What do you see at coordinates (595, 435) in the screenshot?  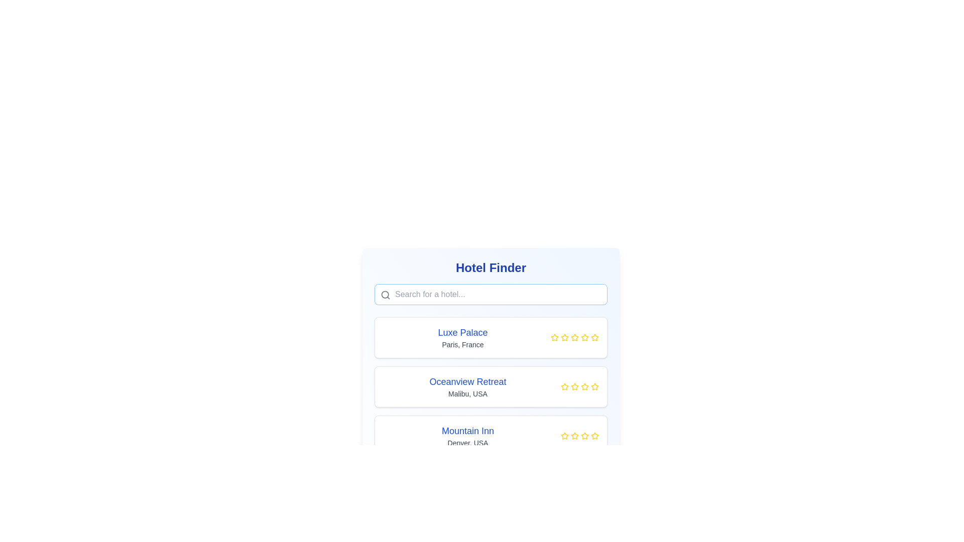 I see `the sixth star-shaped icon` at bounding box center [595, 435].